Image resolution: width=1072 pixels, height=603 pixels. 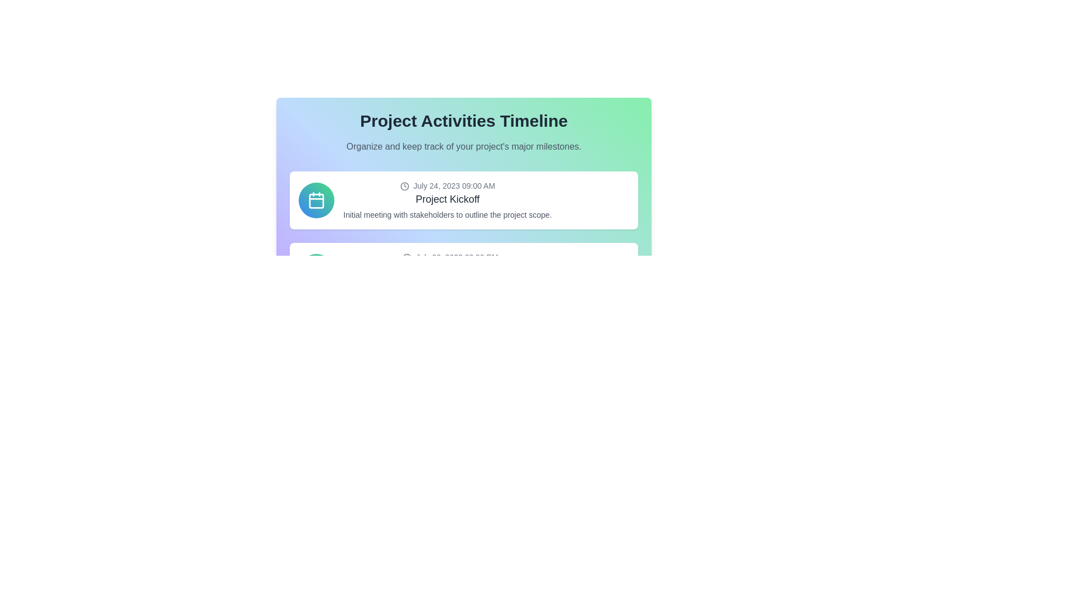 What do you see at coordinates (463, 271) in the screenshot?
I see `details contained in the second event card of the timeline, which is positioned below 'Project Kickoff' and above 'Development Start'` at bounding box center [463, 271].